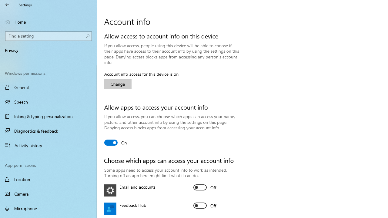 The height and width of the screenshot is (218, 388). Describe the element at coordinates (48, 130) in the screenshot. I see `'Diagnostics & feedback'` at that location.